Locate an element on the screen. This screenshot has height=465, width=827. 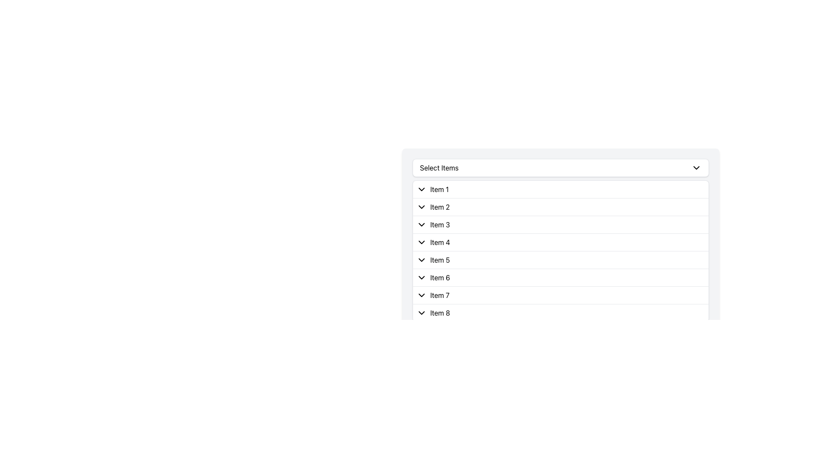
the 'Select Items' dropdown menu trigger button is located at coordinates (560, 167).